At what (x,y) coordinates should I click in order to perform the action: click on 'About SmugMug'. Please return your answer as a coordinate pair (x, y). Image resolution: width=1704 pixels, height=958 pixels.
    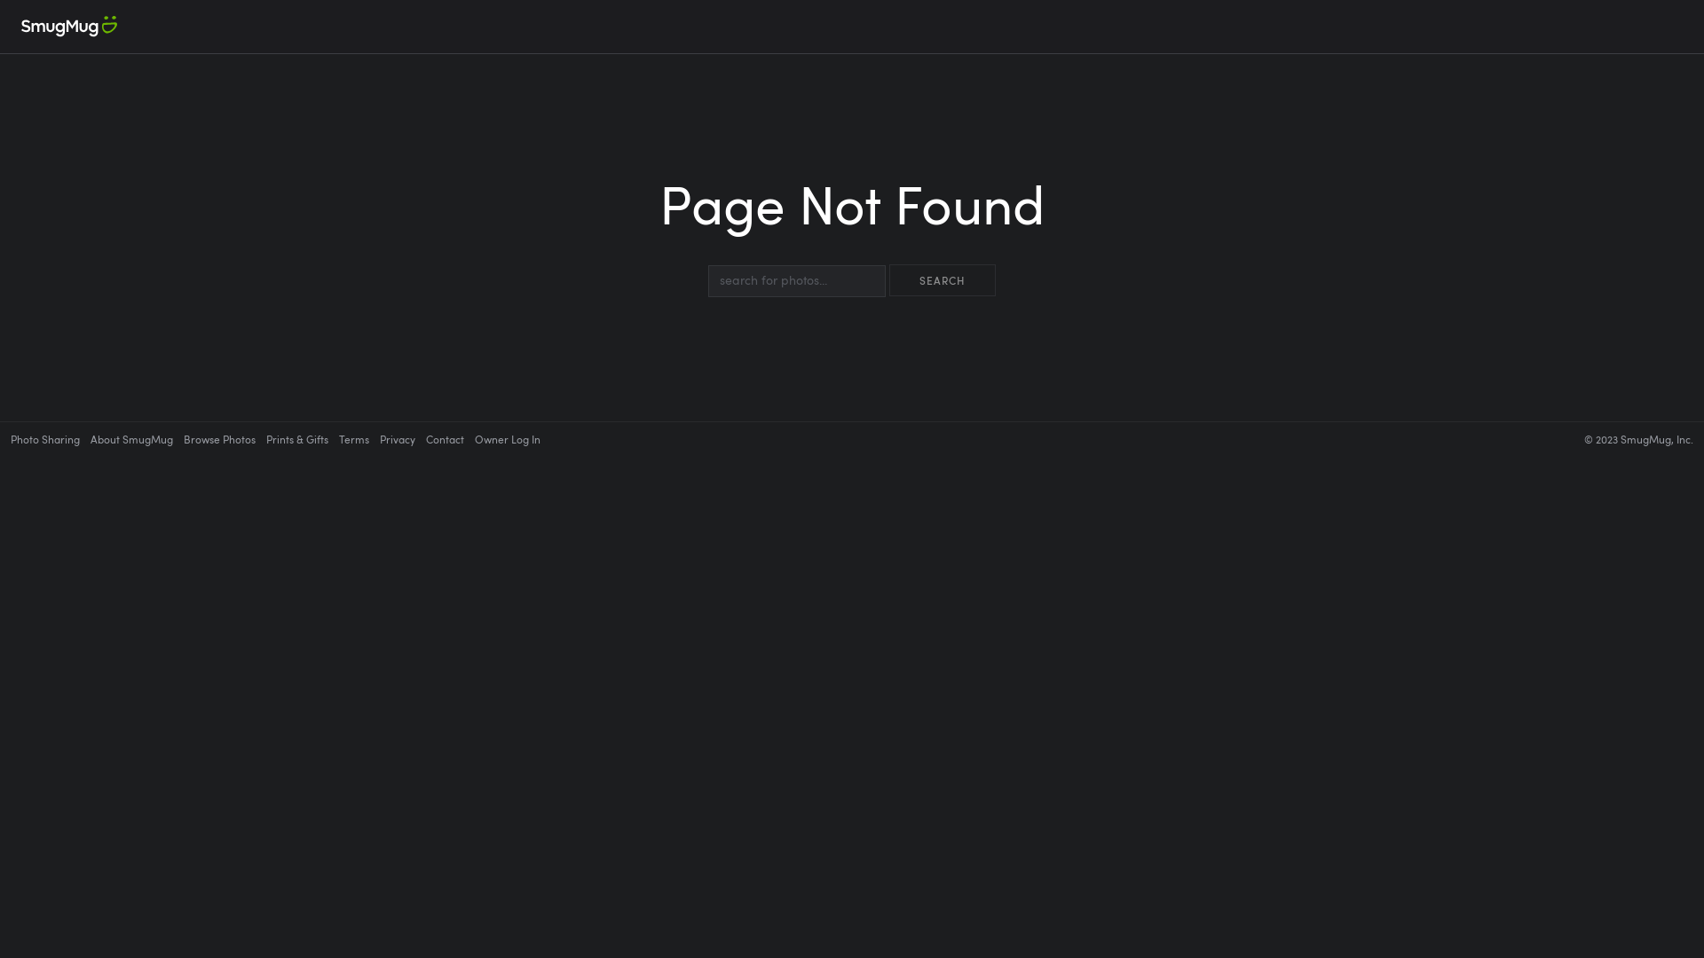
    Looking at the image, I should click on (130, 438).